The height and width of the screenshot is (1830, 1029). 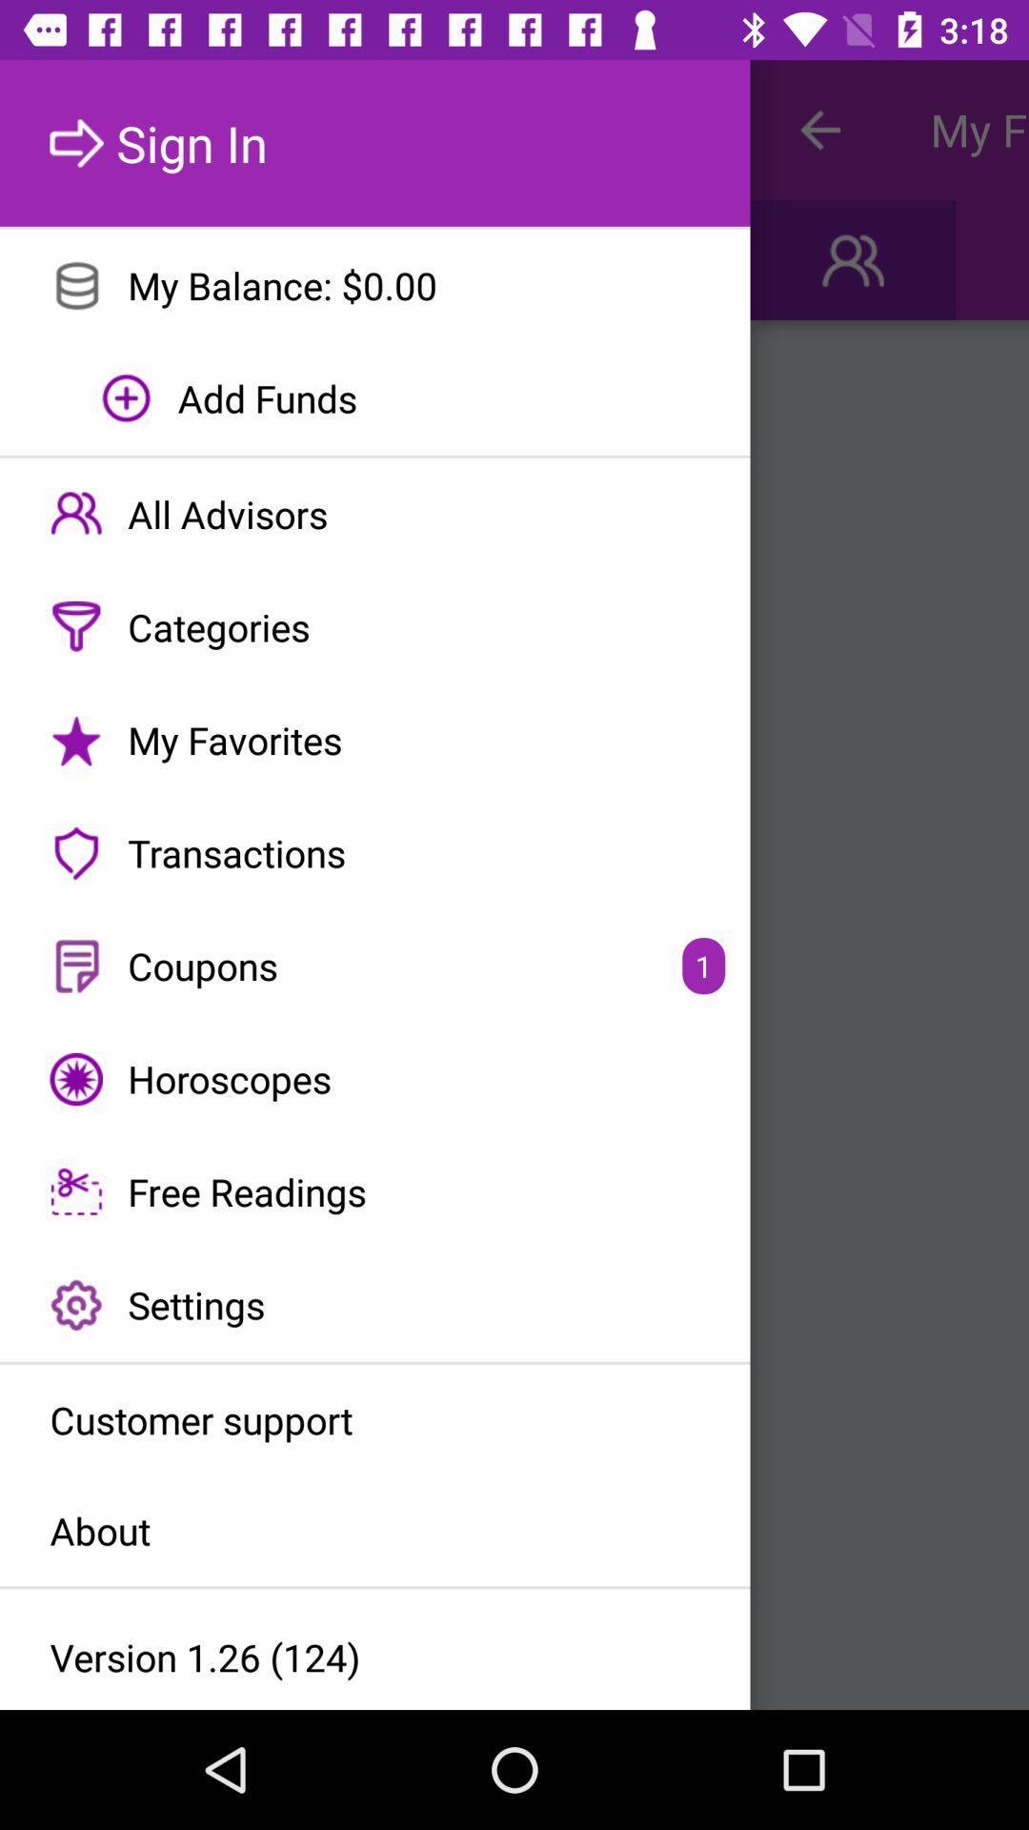 I want to click on icon below the free readings icon, so click(x=374, y=1304).